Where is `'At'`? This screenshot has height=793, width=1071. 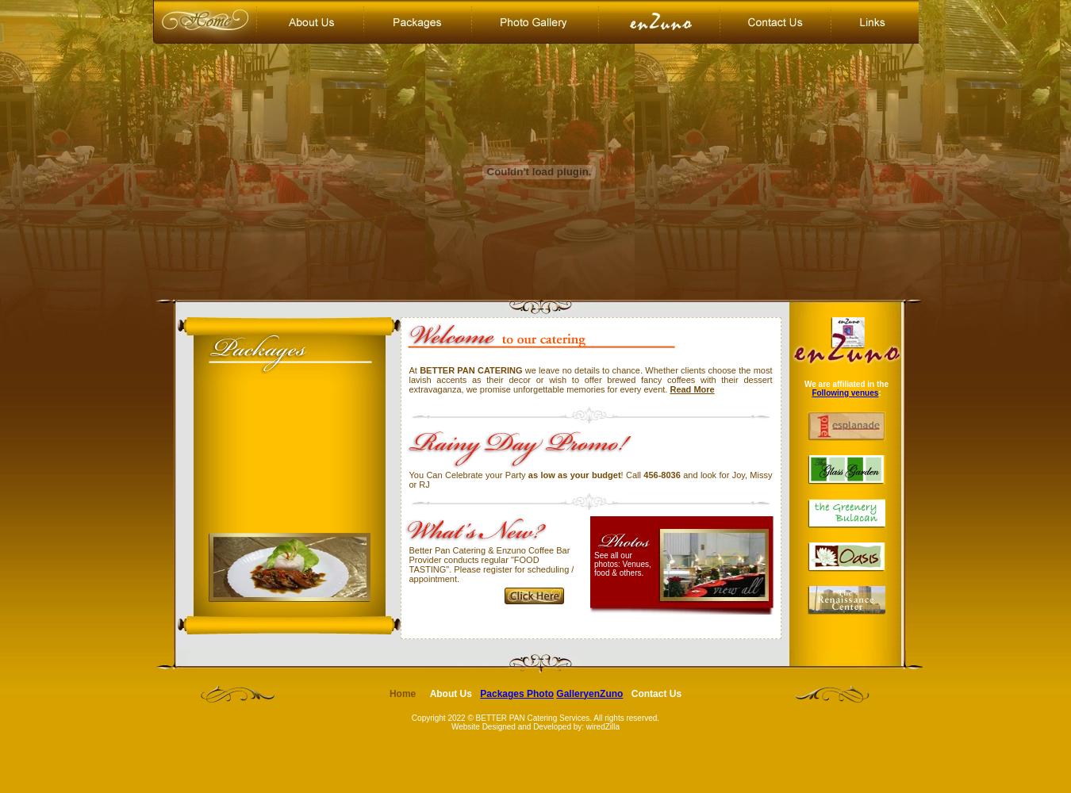 'At' is located at coordinates (413, 370).